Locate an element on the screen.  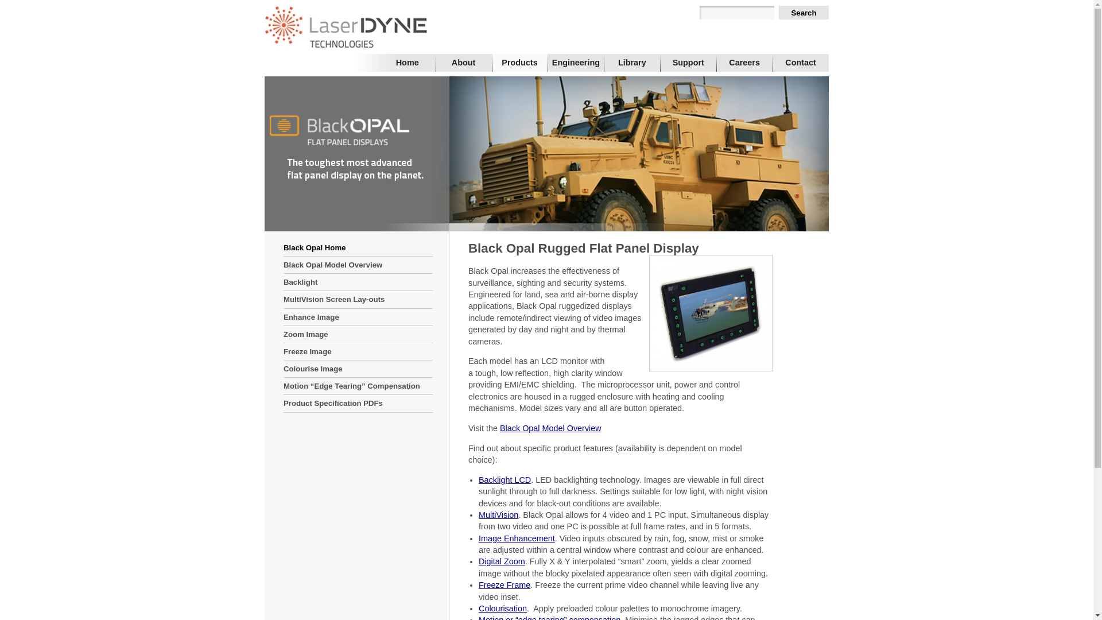
'Colourise Image' is located at coordinates (284, 369).